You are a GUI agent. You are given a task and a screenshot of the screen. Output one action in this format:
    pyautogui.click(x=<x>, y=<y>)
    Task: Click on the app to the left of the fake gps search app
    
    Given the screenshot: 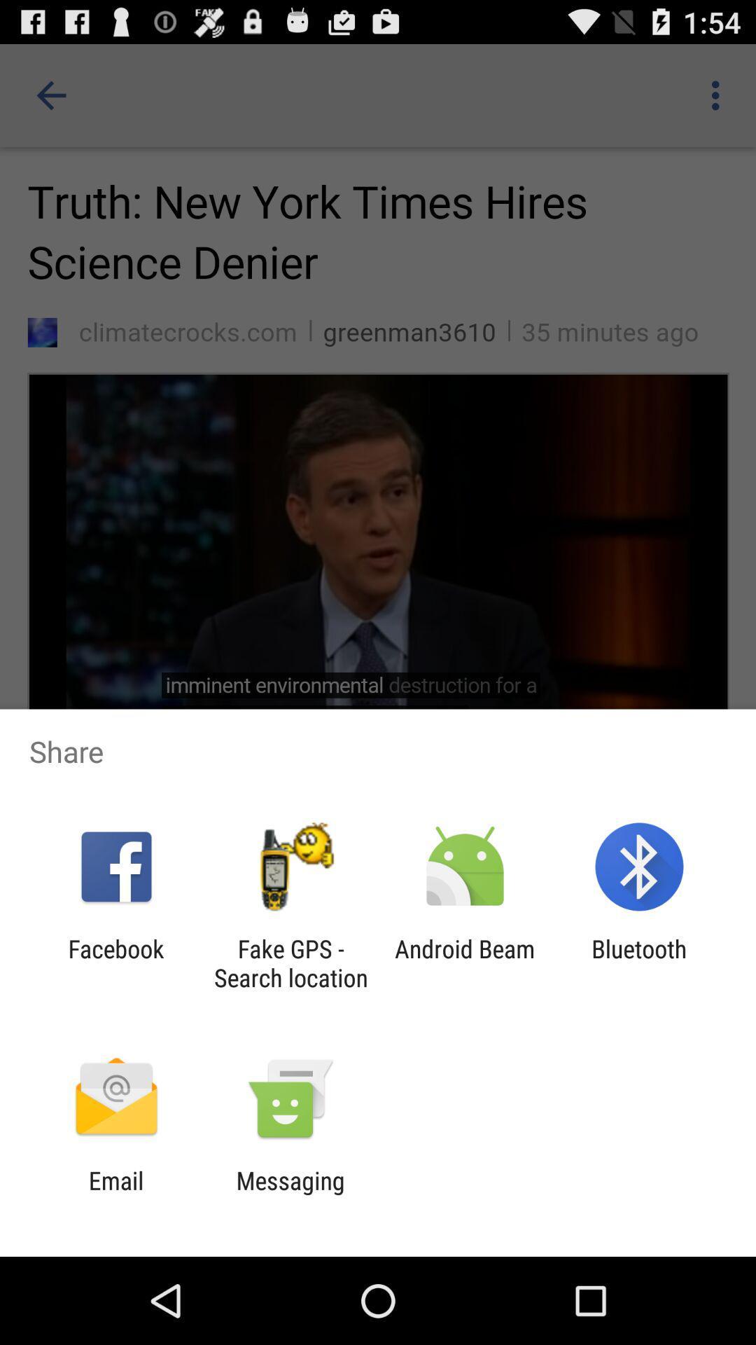 What is the action you would take?
    pyautogui.click(x=115, y=963)
    